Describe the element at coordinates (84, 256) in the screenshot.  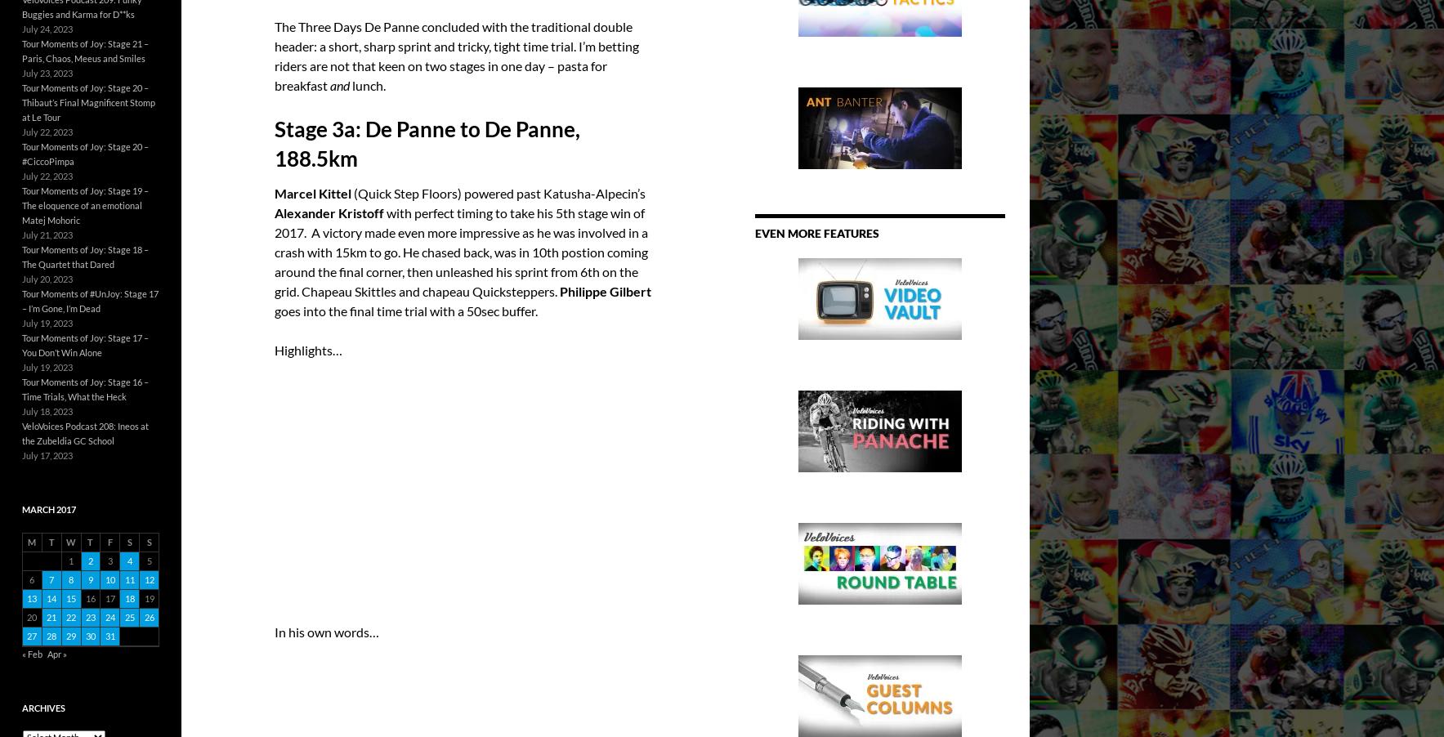
I see `'Tour Moments of Joy: Stage 18 – The Quartet that Dared'` at that location.